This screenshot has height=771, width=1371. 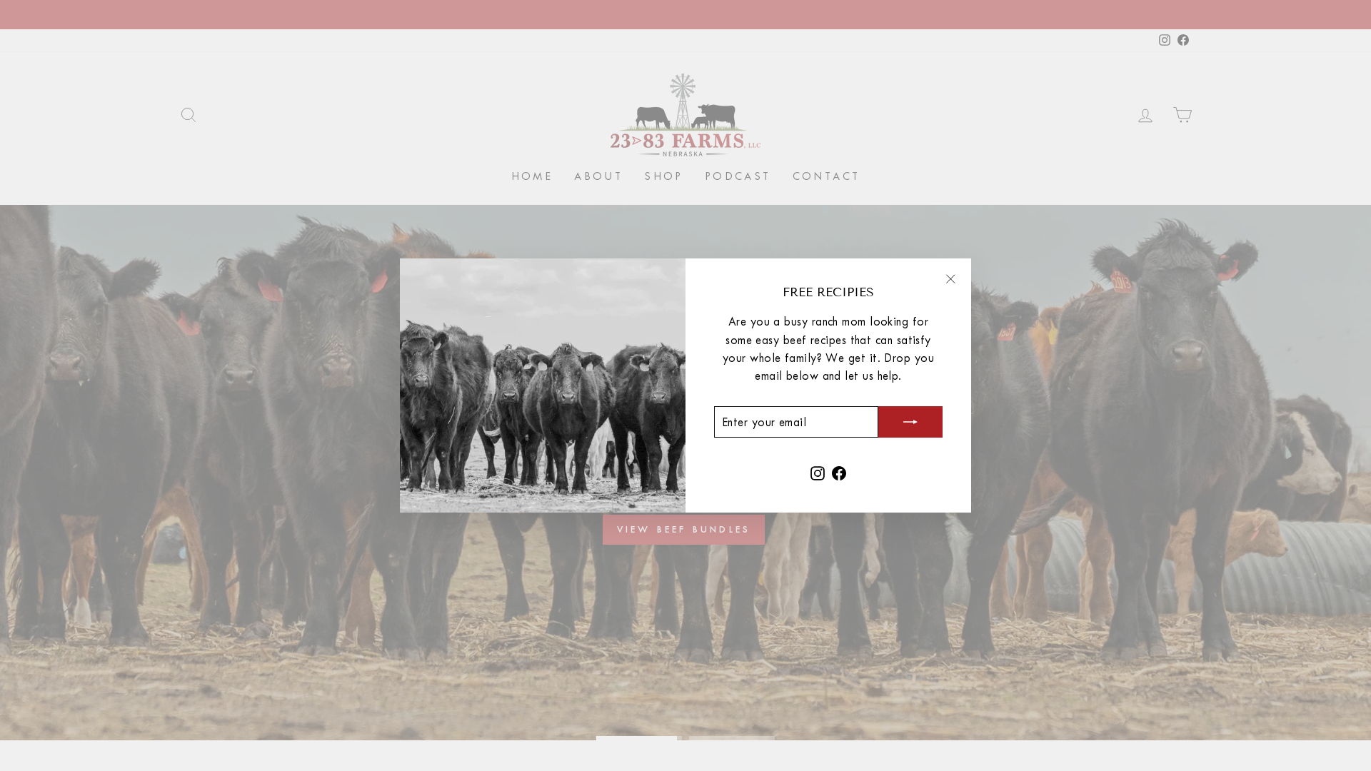 I want to click on 'SEARCH', so click(x=188, y=114).